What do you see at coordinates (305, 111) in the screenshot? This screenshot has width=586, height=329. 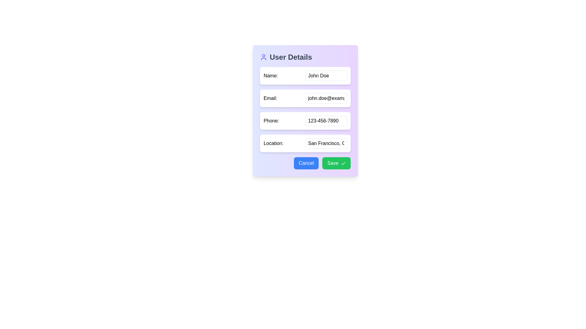 I see `the phone number input field, which is positioned below the Email field and above the Location field` at bounding box center [305, 111].